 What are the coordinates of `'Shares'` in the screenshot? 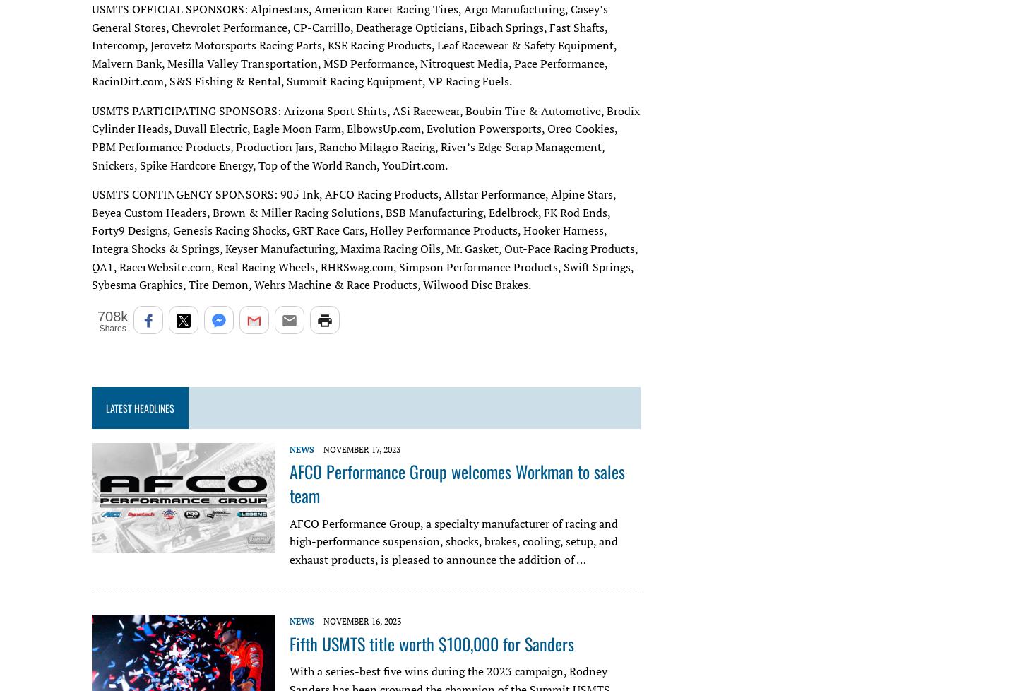 It's located at (111, 326).